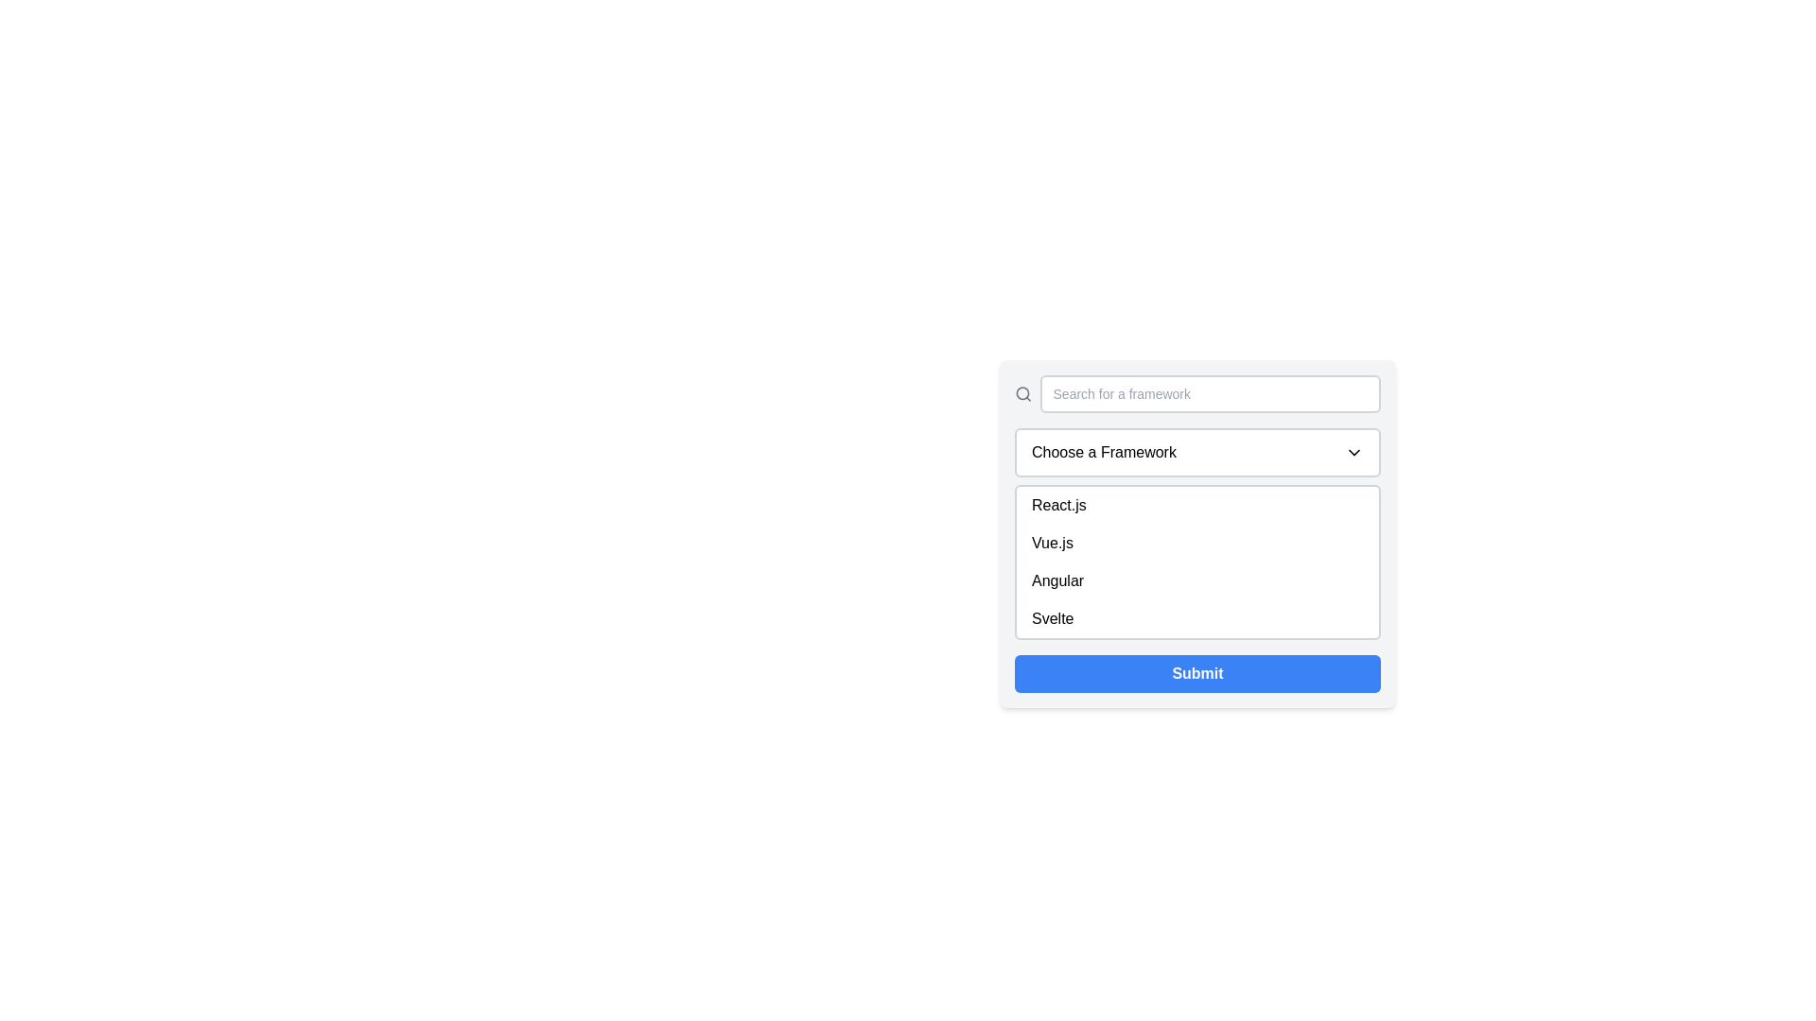 The height and width of the screenshot is (1021, 1816). I want to click on the 'React.js' dropdown list item, which is the first option in the dropdown menu appearing below the 'Choose a Framework' button, so click(1057, 505).